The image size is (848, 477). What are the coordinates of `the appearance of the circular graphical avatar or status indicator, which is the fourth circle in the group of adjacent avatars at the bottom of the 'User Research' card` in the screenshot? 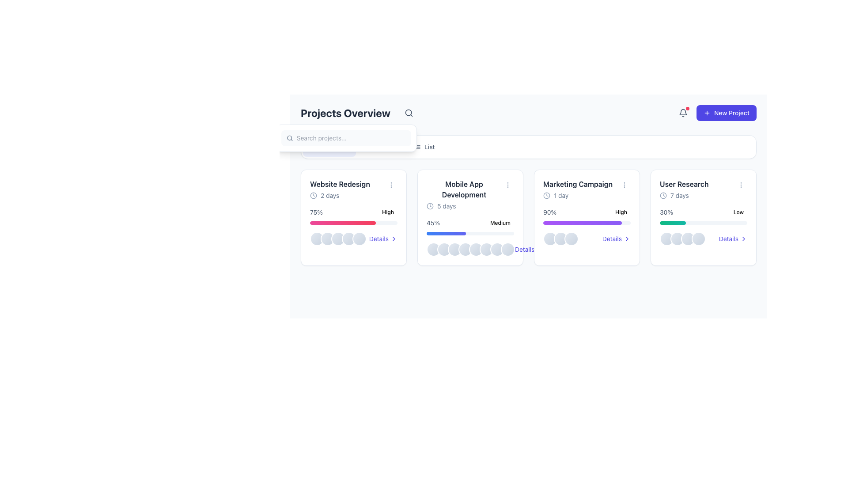 It's located at (698, 238).